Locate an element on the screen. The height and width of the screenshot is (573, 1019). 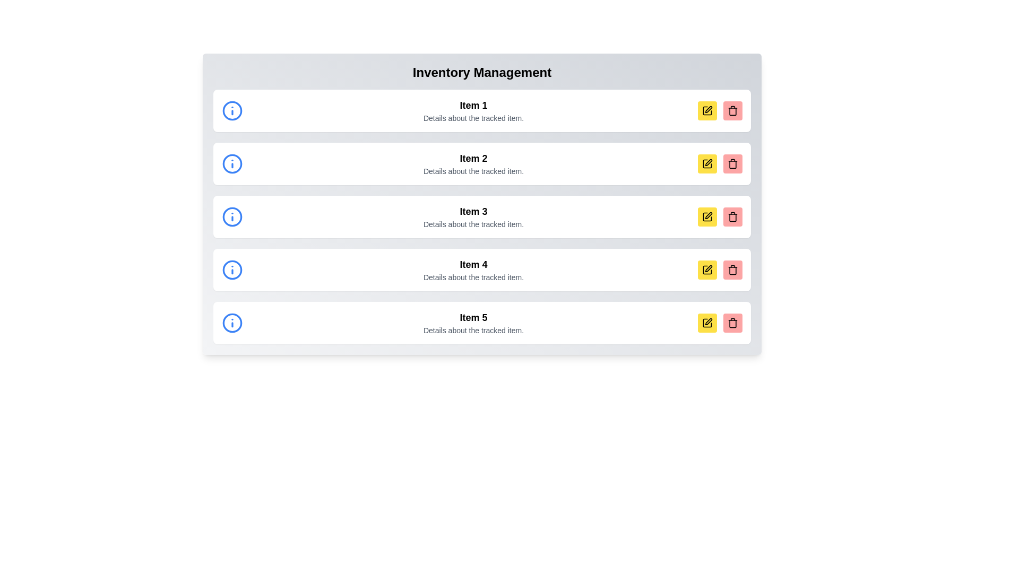
text content of the title or name of the fourth item in the inventory management list, which is positioned above 'Details about the tracked item.' is located at coordinates (473, 264).